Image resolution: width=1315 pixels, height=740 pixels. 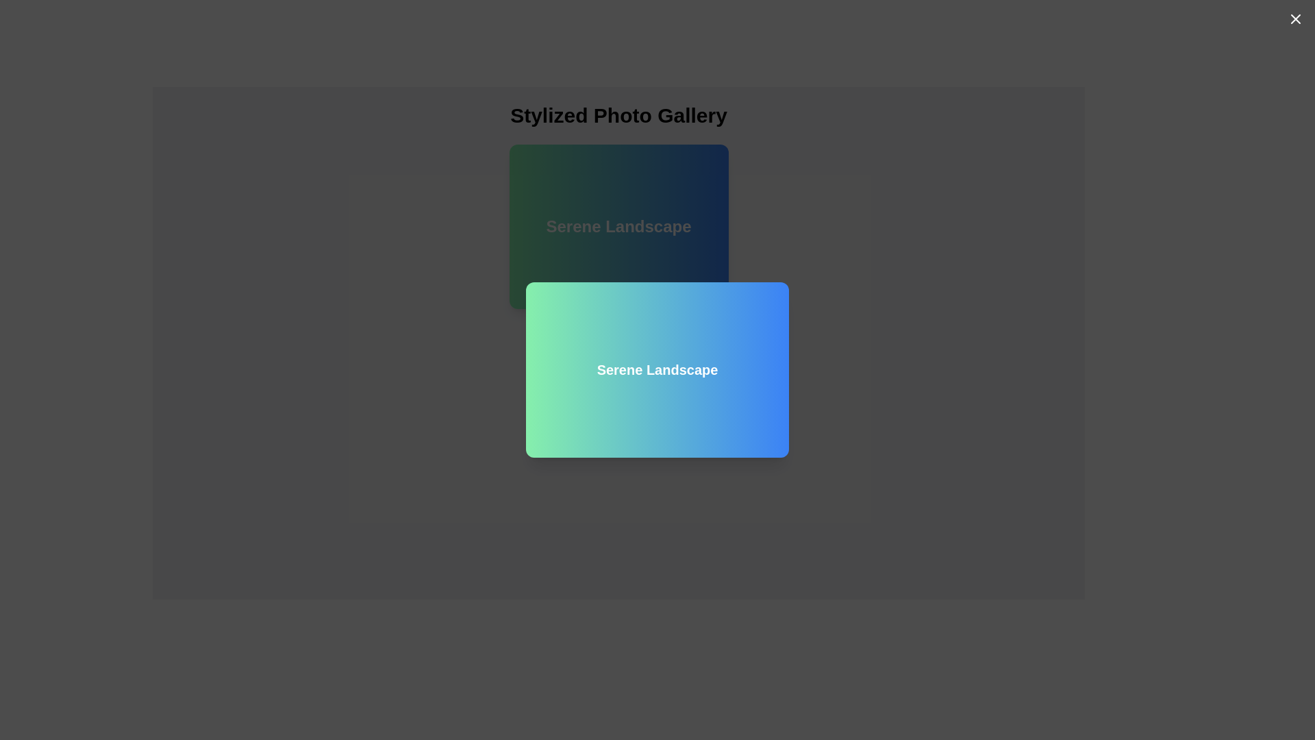 I want to click on the close button located in the top-right corner of the 'Serene Landscape' card, so click(x=1294, y=18).